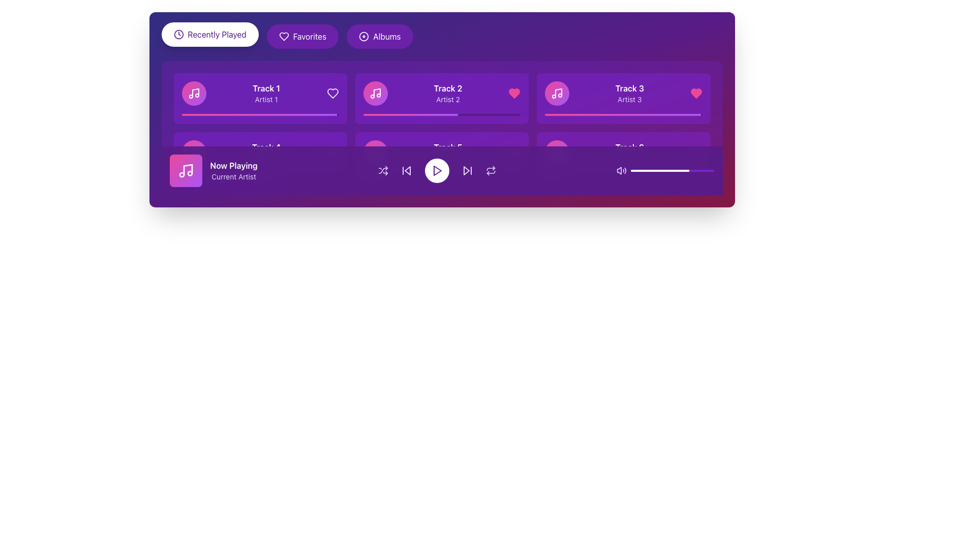 The height and width of the screenshot is (549, 976). What do you see at coordinates (623, 114) in the screenshot?
I see `the progress bar representing the playback progress of 'Track 3', located in the third column of the top row of track cards, beneath the 'Track 3' label` at bounding box center [623, 114].